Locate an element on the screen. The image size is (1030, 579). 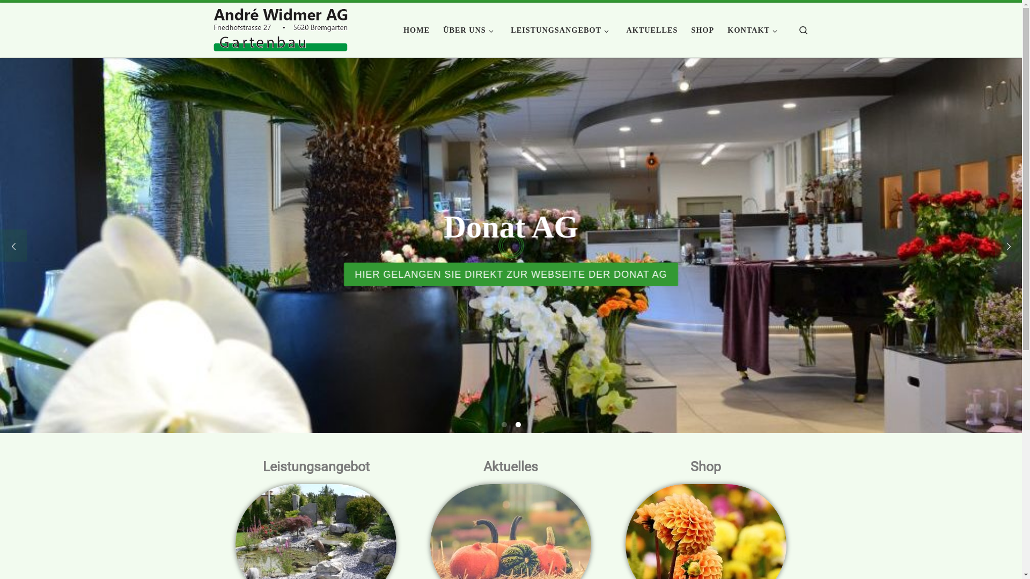
'Zum Inhalt springen' is located at coordinates (49, 14).